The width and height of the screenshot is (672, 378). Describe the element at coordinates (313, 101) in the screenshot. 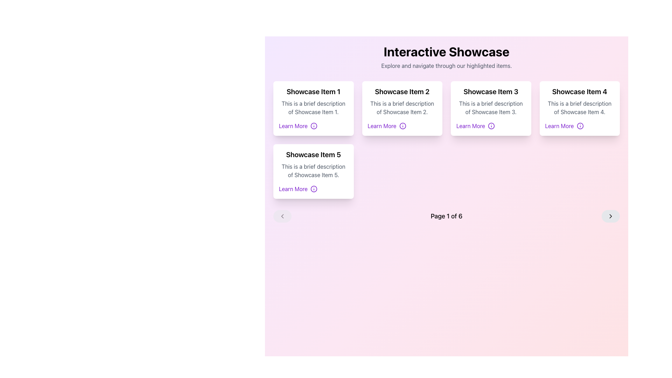

I see `the Text Display element that shows 'Showcase Item 1' and its description 'This is a brief description of Showcase Item 1.'` at that location.